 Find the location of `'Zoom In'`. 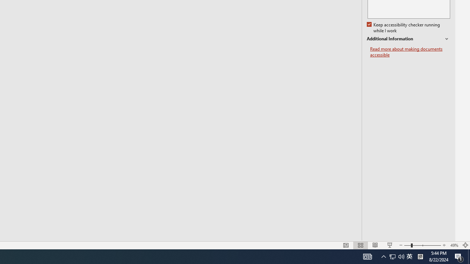

'Zoom In' is located at coordinates (444, 245).